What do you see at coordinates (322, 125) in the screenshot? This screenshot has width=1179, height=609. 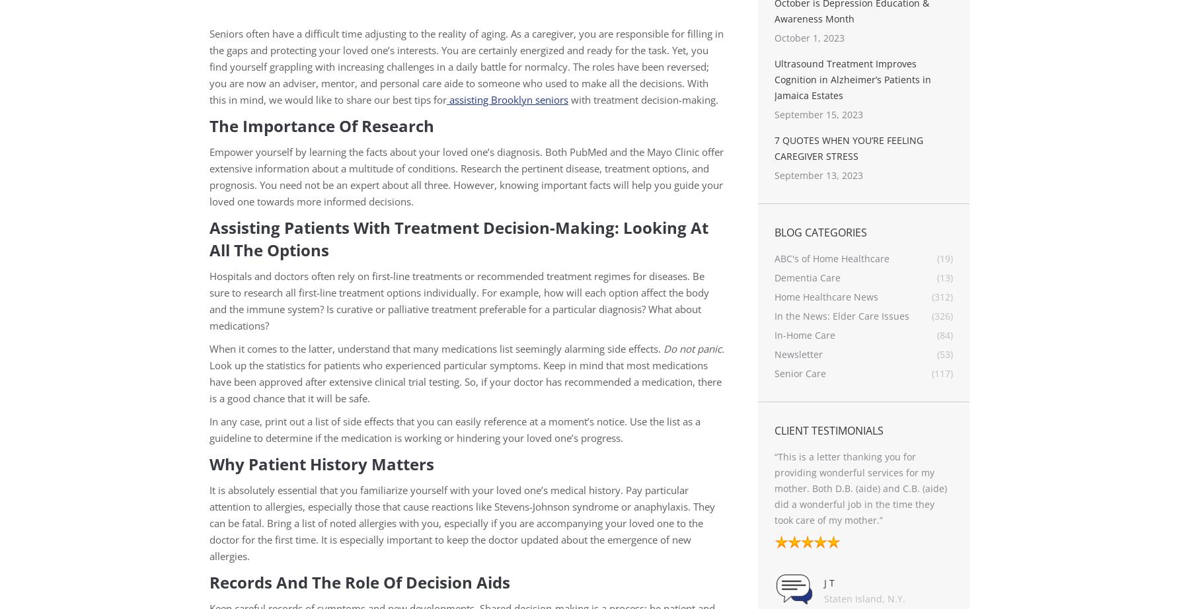 I see `'The Importance Of Research'` at bounding box center [322, 125].